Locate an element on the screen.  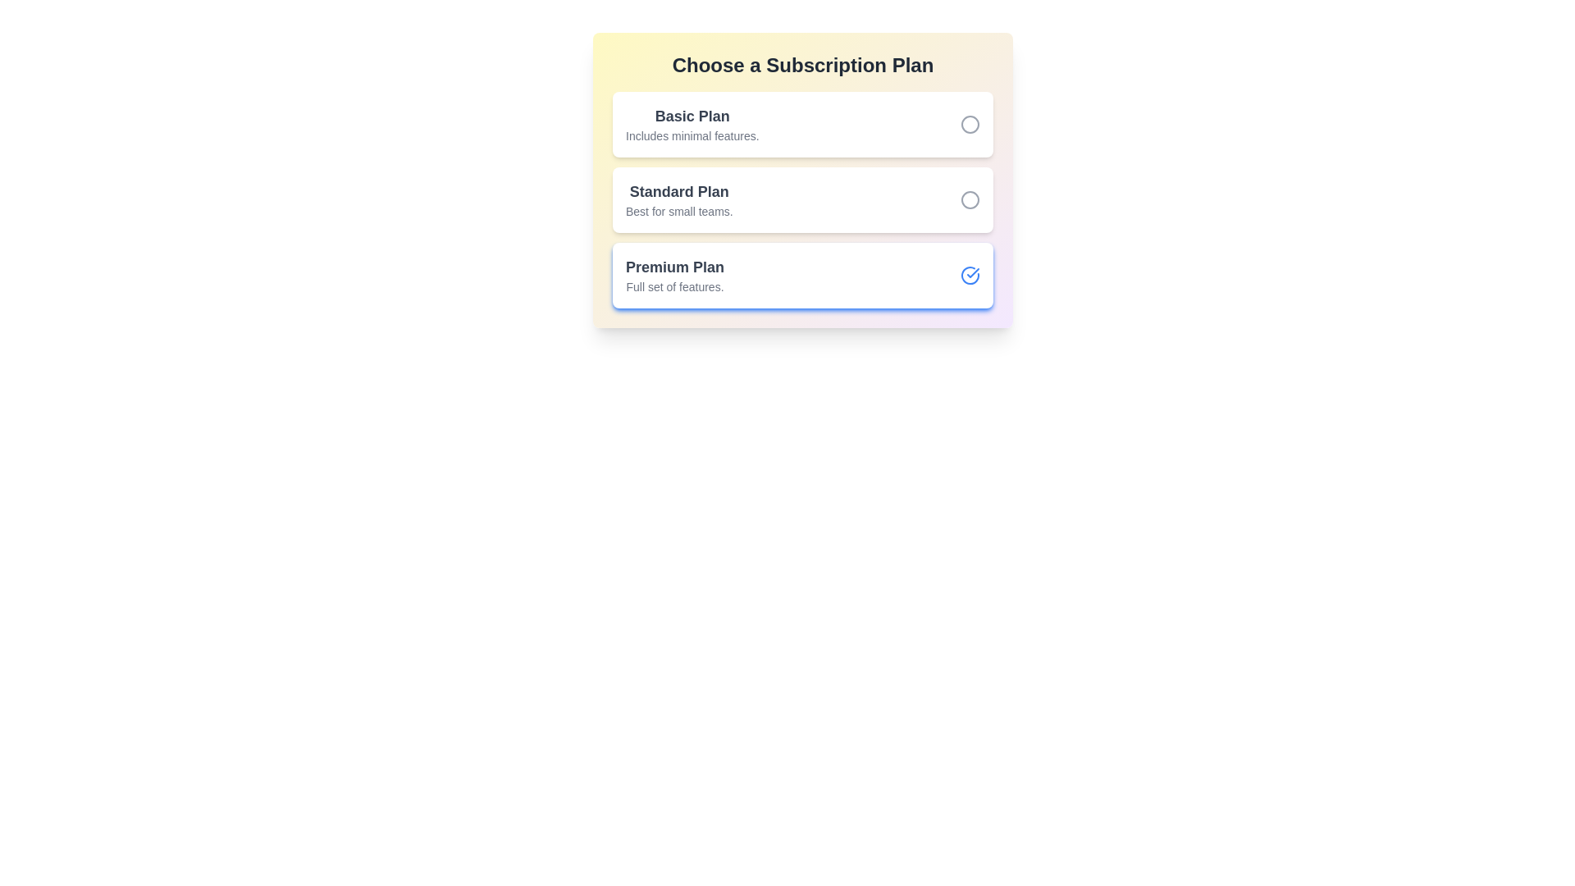
the subscription plan Premium Plan by clicking its corresponding button is located at coordinates (970, 274).